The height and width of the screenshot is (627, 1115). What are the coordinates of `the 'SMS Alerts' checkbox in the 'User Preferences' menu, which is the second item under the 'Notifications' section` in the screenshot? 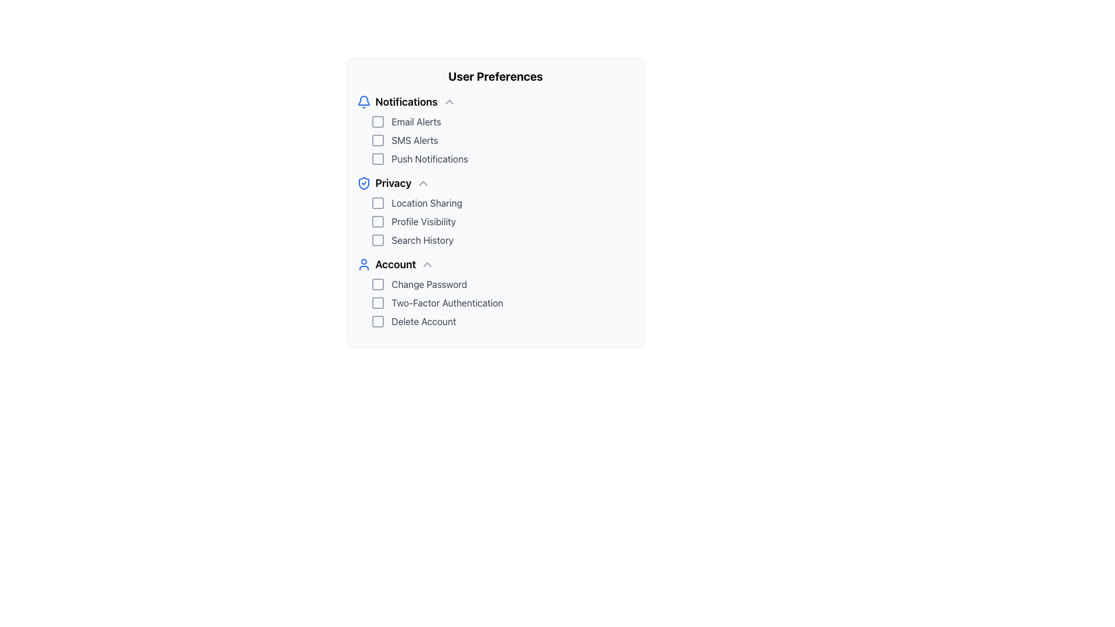 It's located at (502, 140).